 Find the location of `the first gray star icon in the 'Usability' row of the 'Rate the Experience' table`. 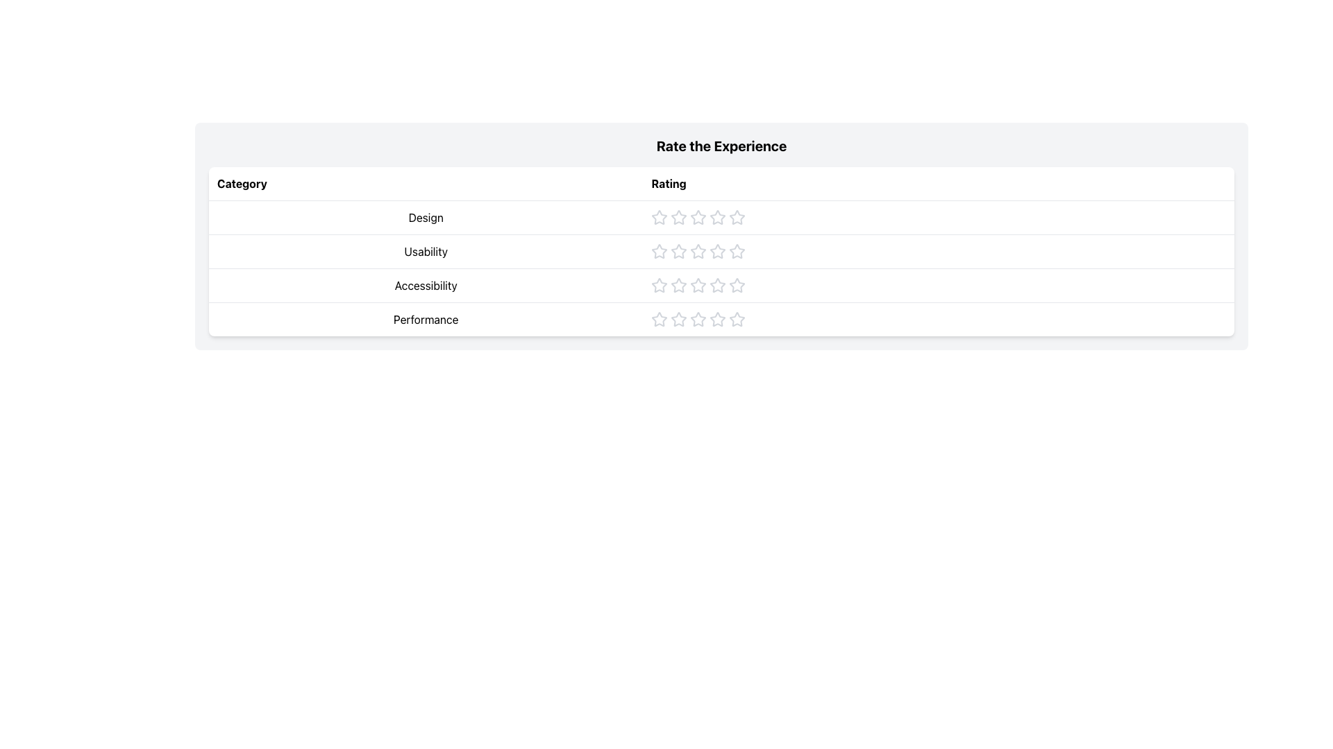

the first gray star icon in the 'Usability' row of the 'Rate the Experience' table is located at coordinates (659, 251).